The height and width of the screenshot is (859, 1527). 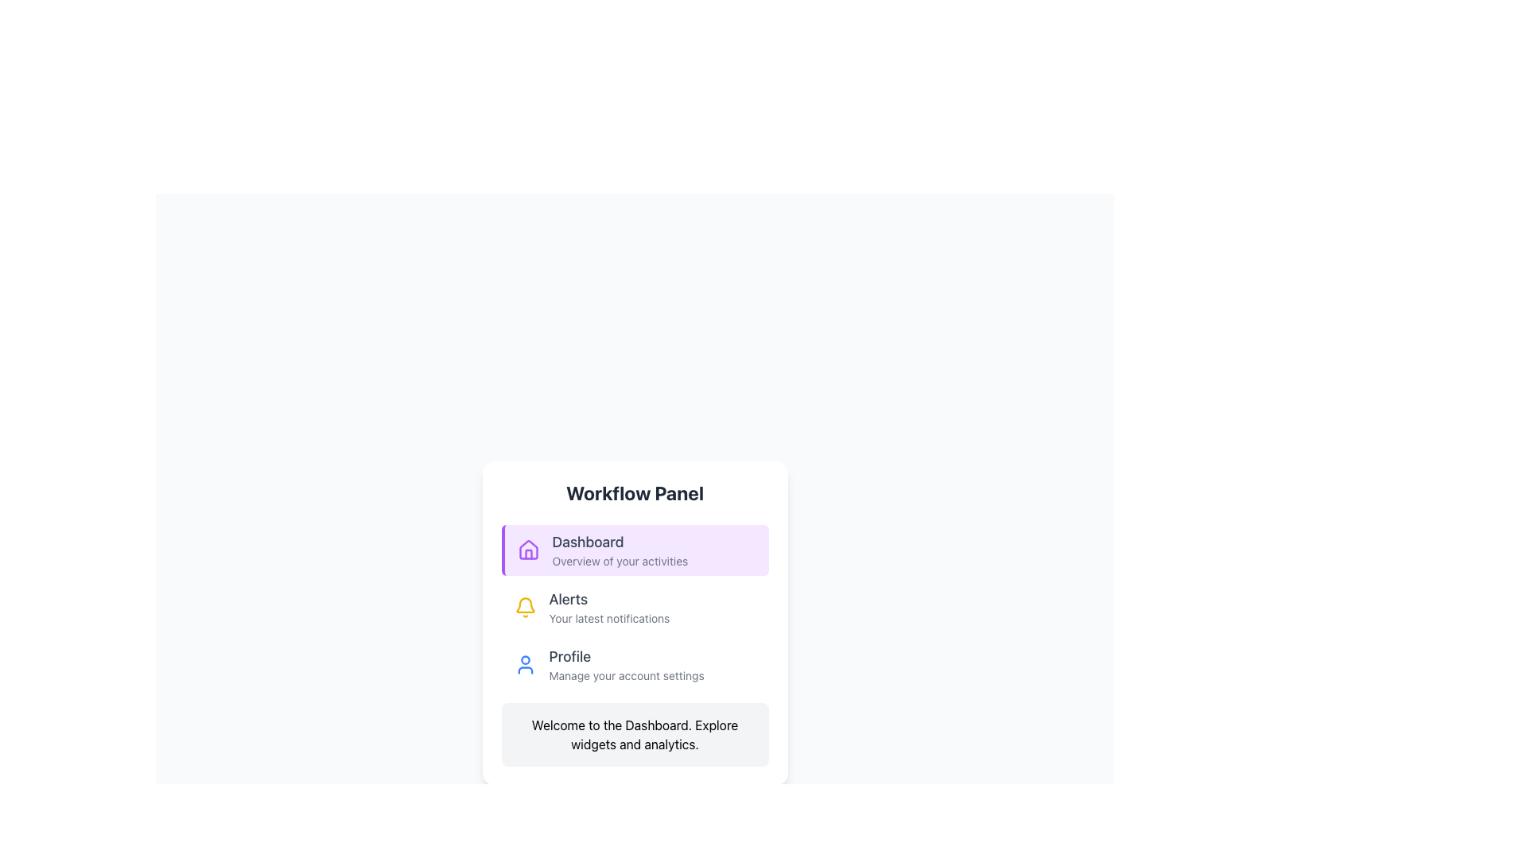 What do you see at coordinates (525, 665) in the screenshot?
I see `the blue round user icon located to the left of the 'Profile' text in the profile section of the Workflow Panel` at bounding box center [525, 665].